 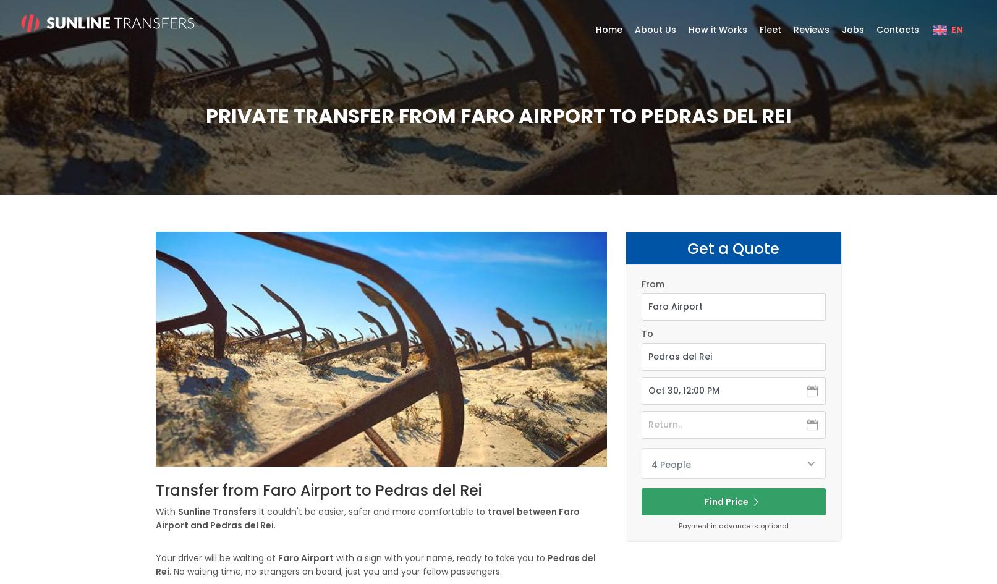 I want to click on 'with a sign with your name, ready to take you to', so click(x=333, y=557).